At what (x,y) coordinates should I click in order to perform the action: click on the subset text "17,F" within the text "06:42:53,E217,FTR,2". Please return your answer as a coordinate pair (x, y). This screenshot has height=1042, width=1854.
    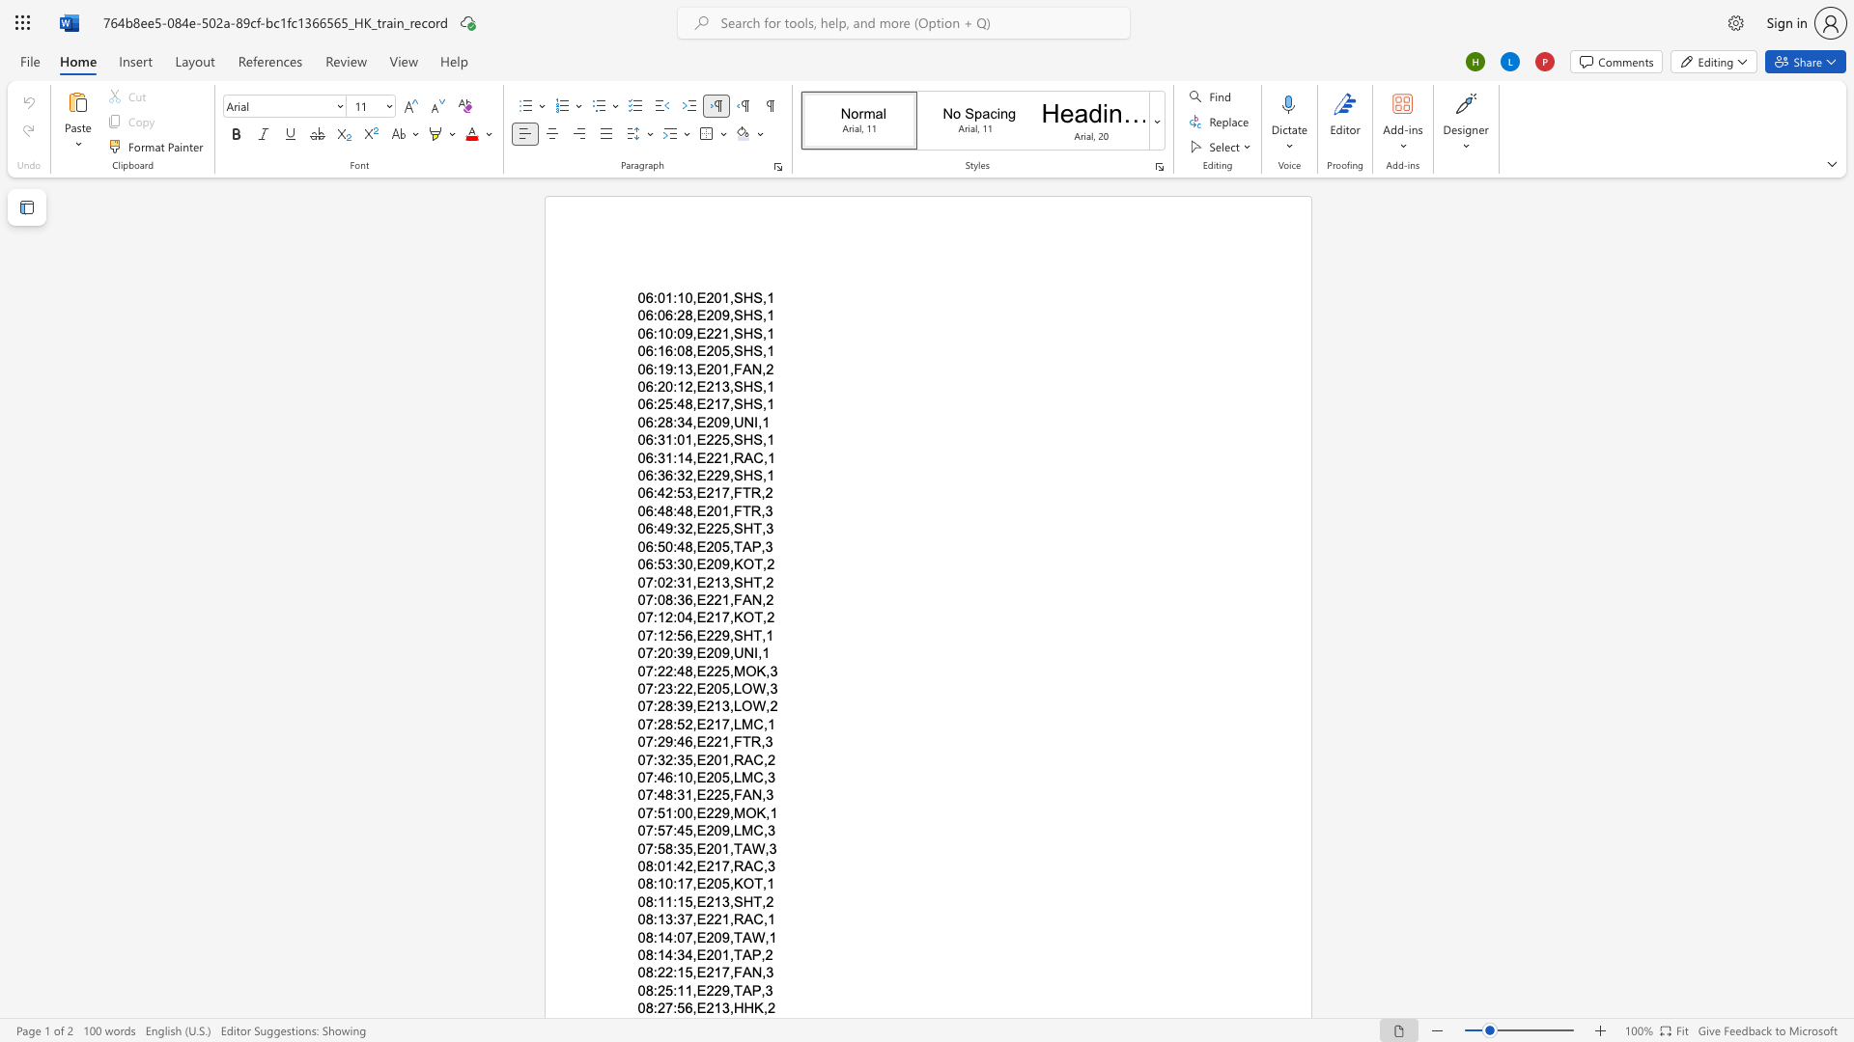
    Looking at the image, I should click on (713, 492).